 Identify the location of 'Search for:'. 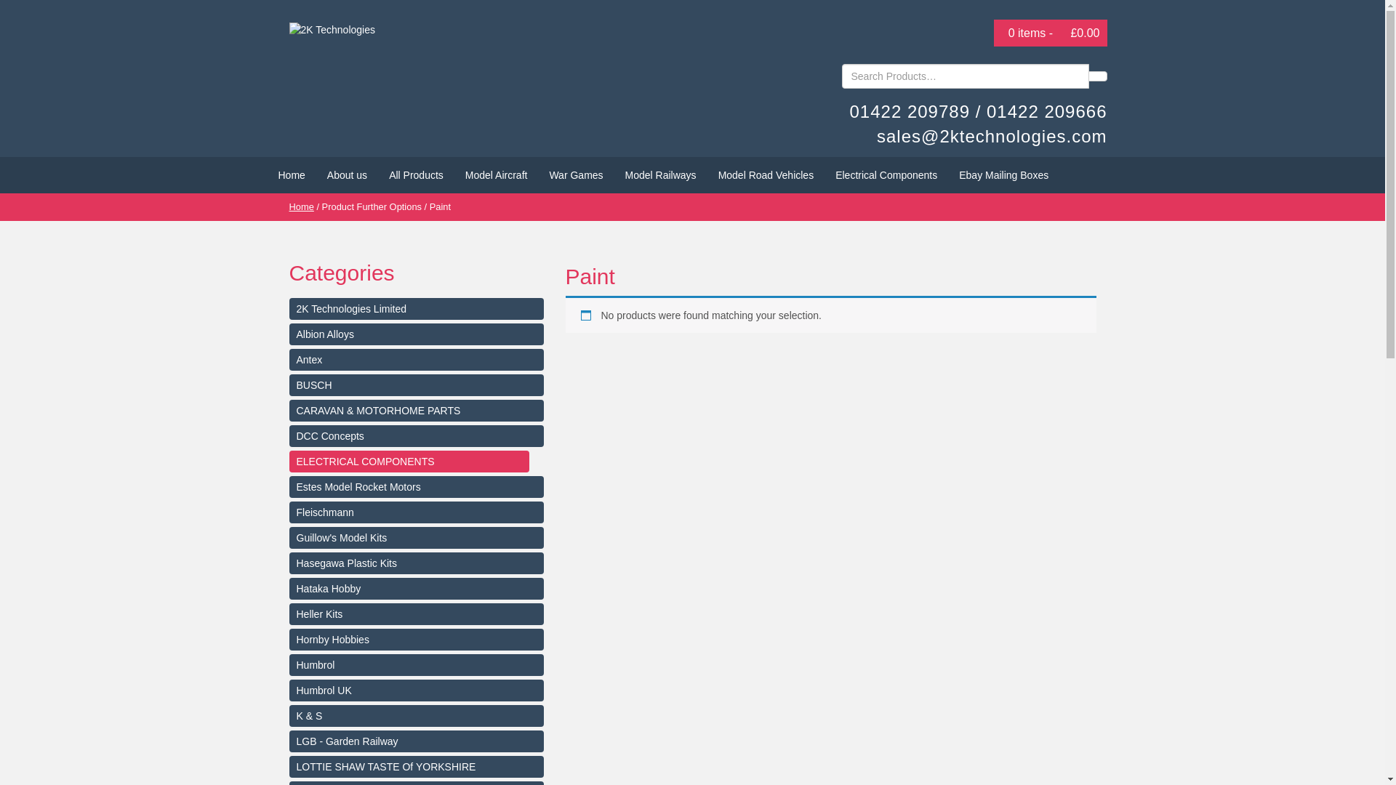
(966, 76).